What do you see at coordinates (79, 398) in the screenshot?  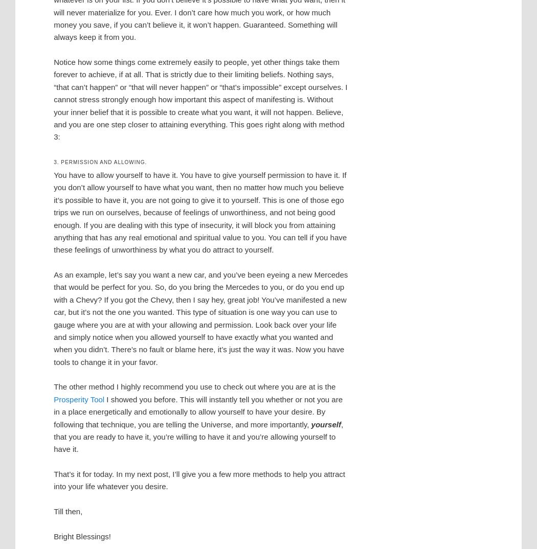 I see `'Prosperity Tool'` at bounding box center [79, 398].